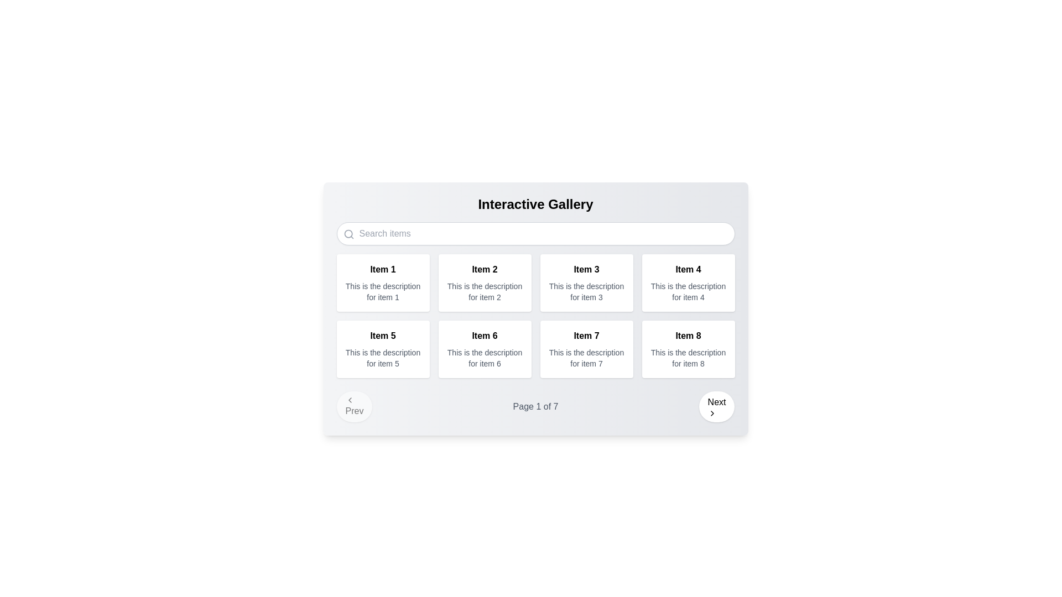 Image resolution: width=1062 pixels, height=597 pixels. What do you see at coordinates (586, 349) in the screenshot?
I see `the informational card displaying the title 'Item 7' and description 'This is the description for item 7', located in the second row, third column of the grid` at bounding box center [586, 349].